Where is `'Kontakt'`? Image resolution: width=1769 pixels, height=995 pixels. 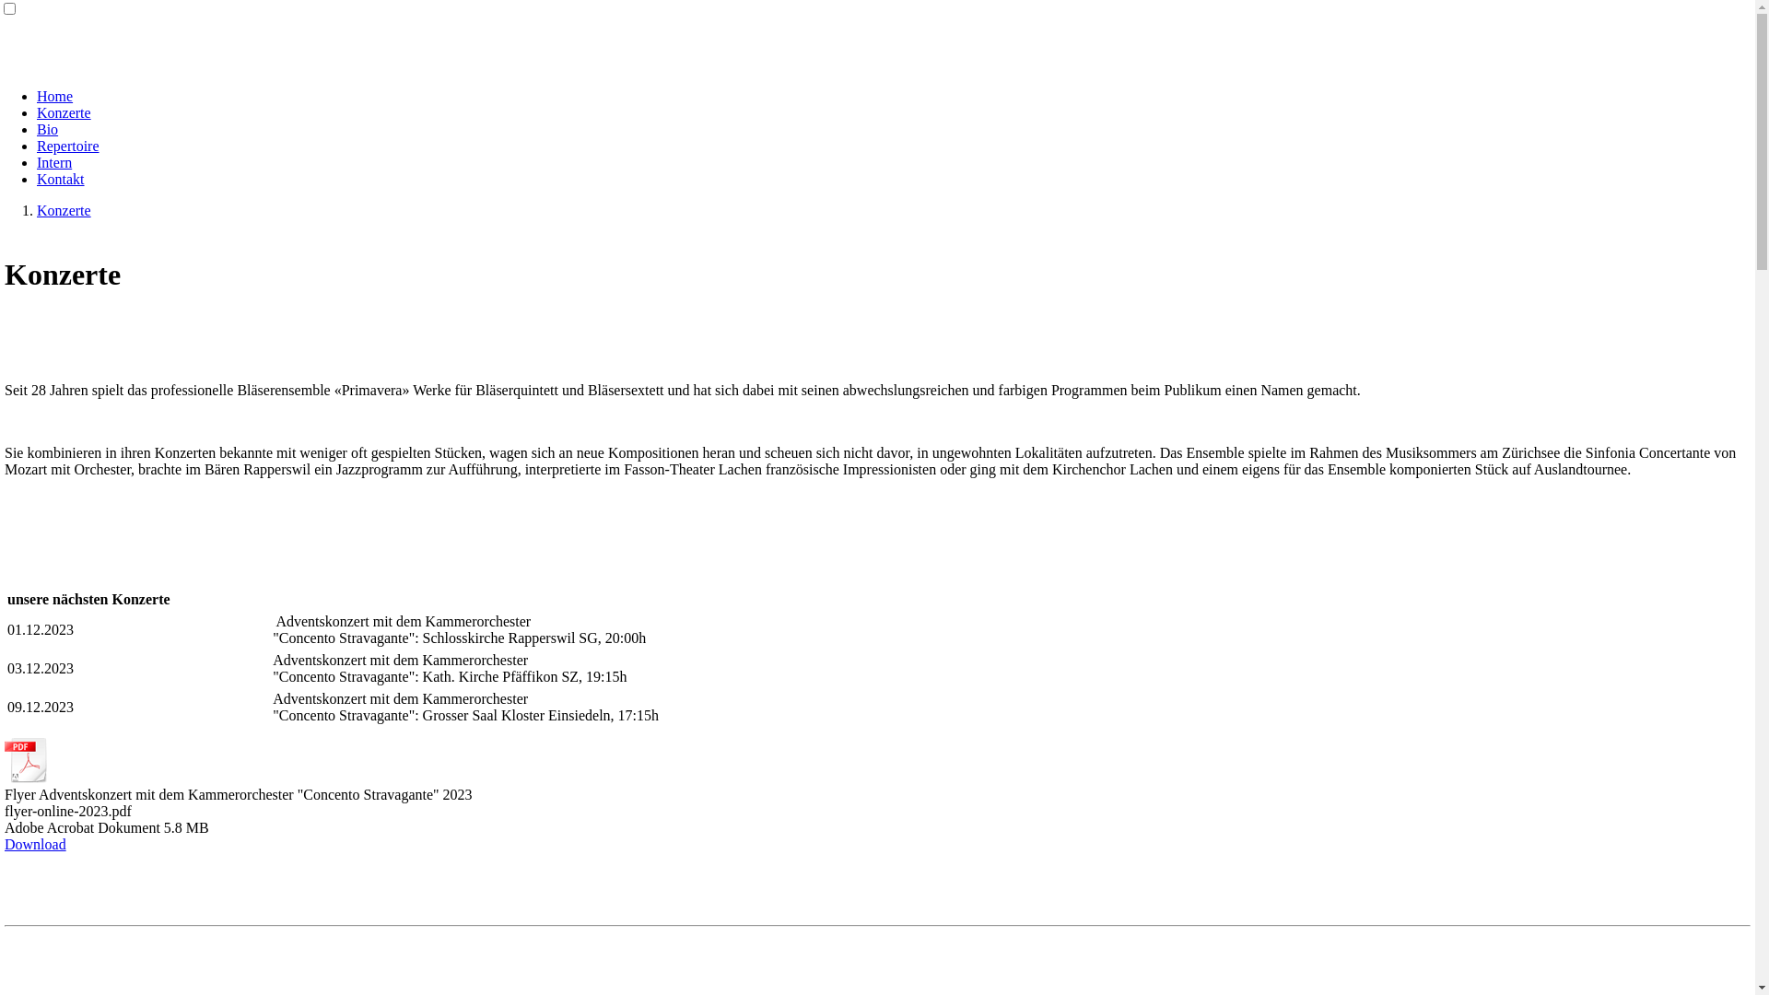 'Kontakt' is located at coordinates (61, 179).